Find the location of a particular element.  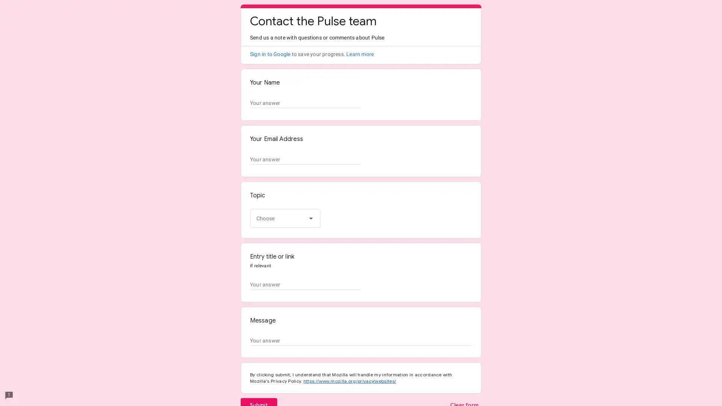

Learn more is located at coordinates (359, 53).